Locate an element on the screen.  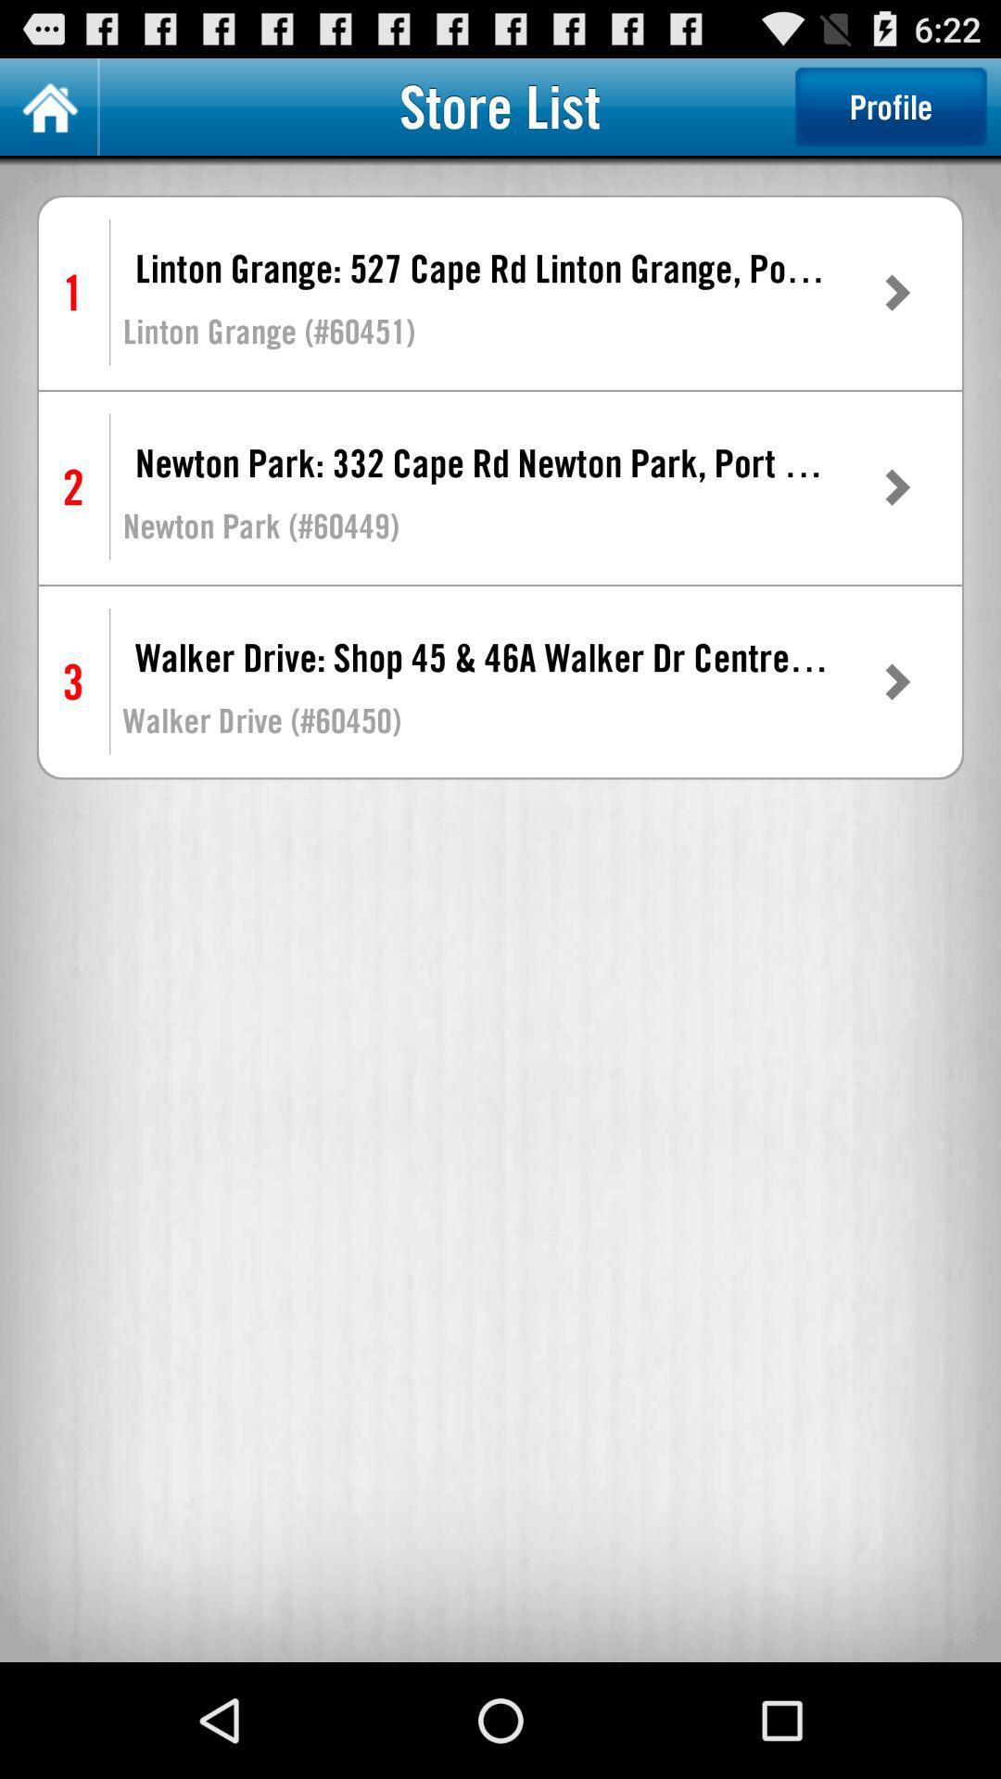
the item next to walker drive shop icon is located at coordinates (895, 681).